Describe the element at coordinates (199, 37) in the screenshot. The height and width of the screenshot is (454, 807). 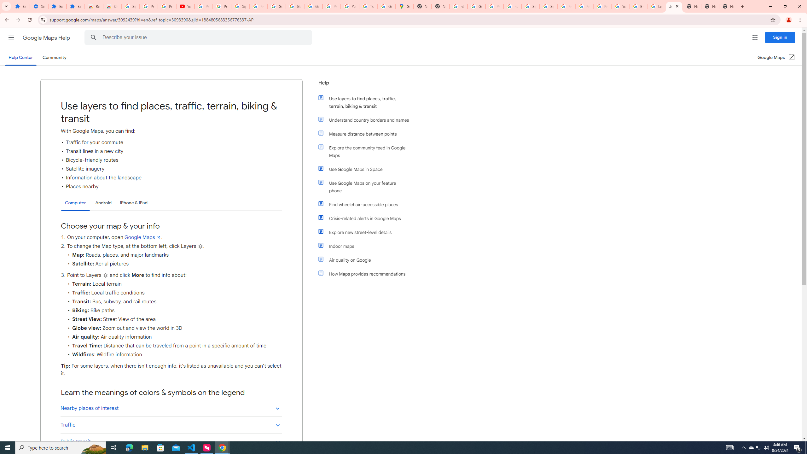
I see `'Describe your issue'` at that location.